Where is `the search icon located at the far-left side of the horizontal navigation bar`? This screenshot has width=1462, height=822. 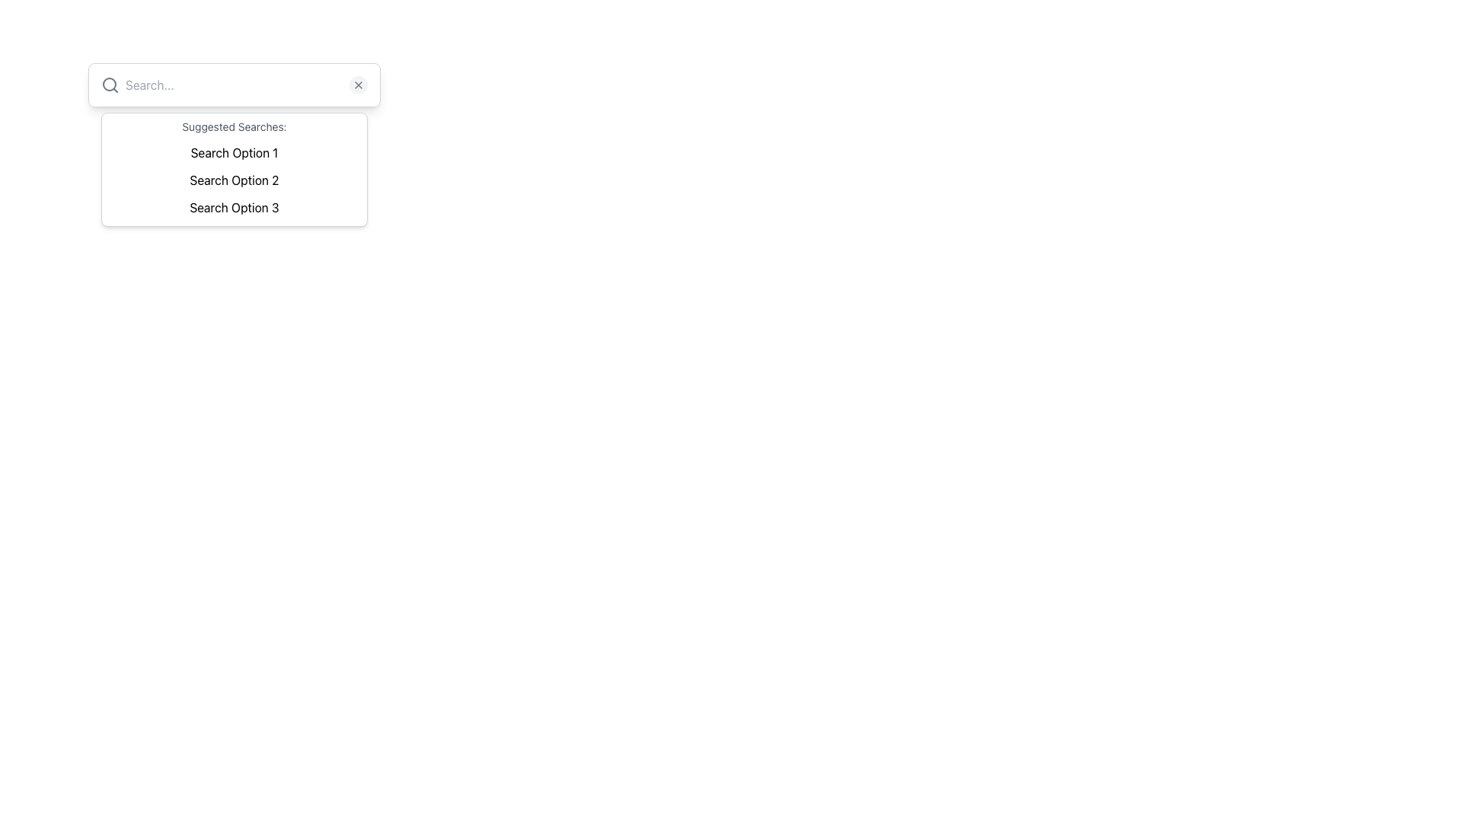
the search icon located at the far-left side of the horizontal navigation bar is located at coordinates (109, 84).